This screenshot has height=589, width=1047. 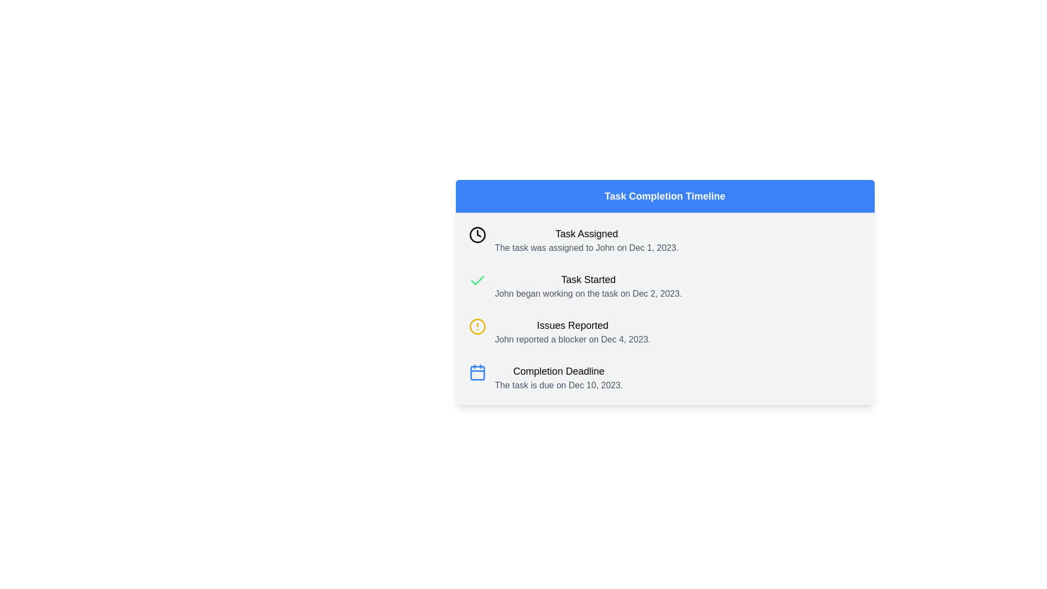 I want to click on the text element stating 'The task is due on Dec 10, 2023.' located below the 'Completion Deadline' title and calendar icon, so click(x=558, y=384).